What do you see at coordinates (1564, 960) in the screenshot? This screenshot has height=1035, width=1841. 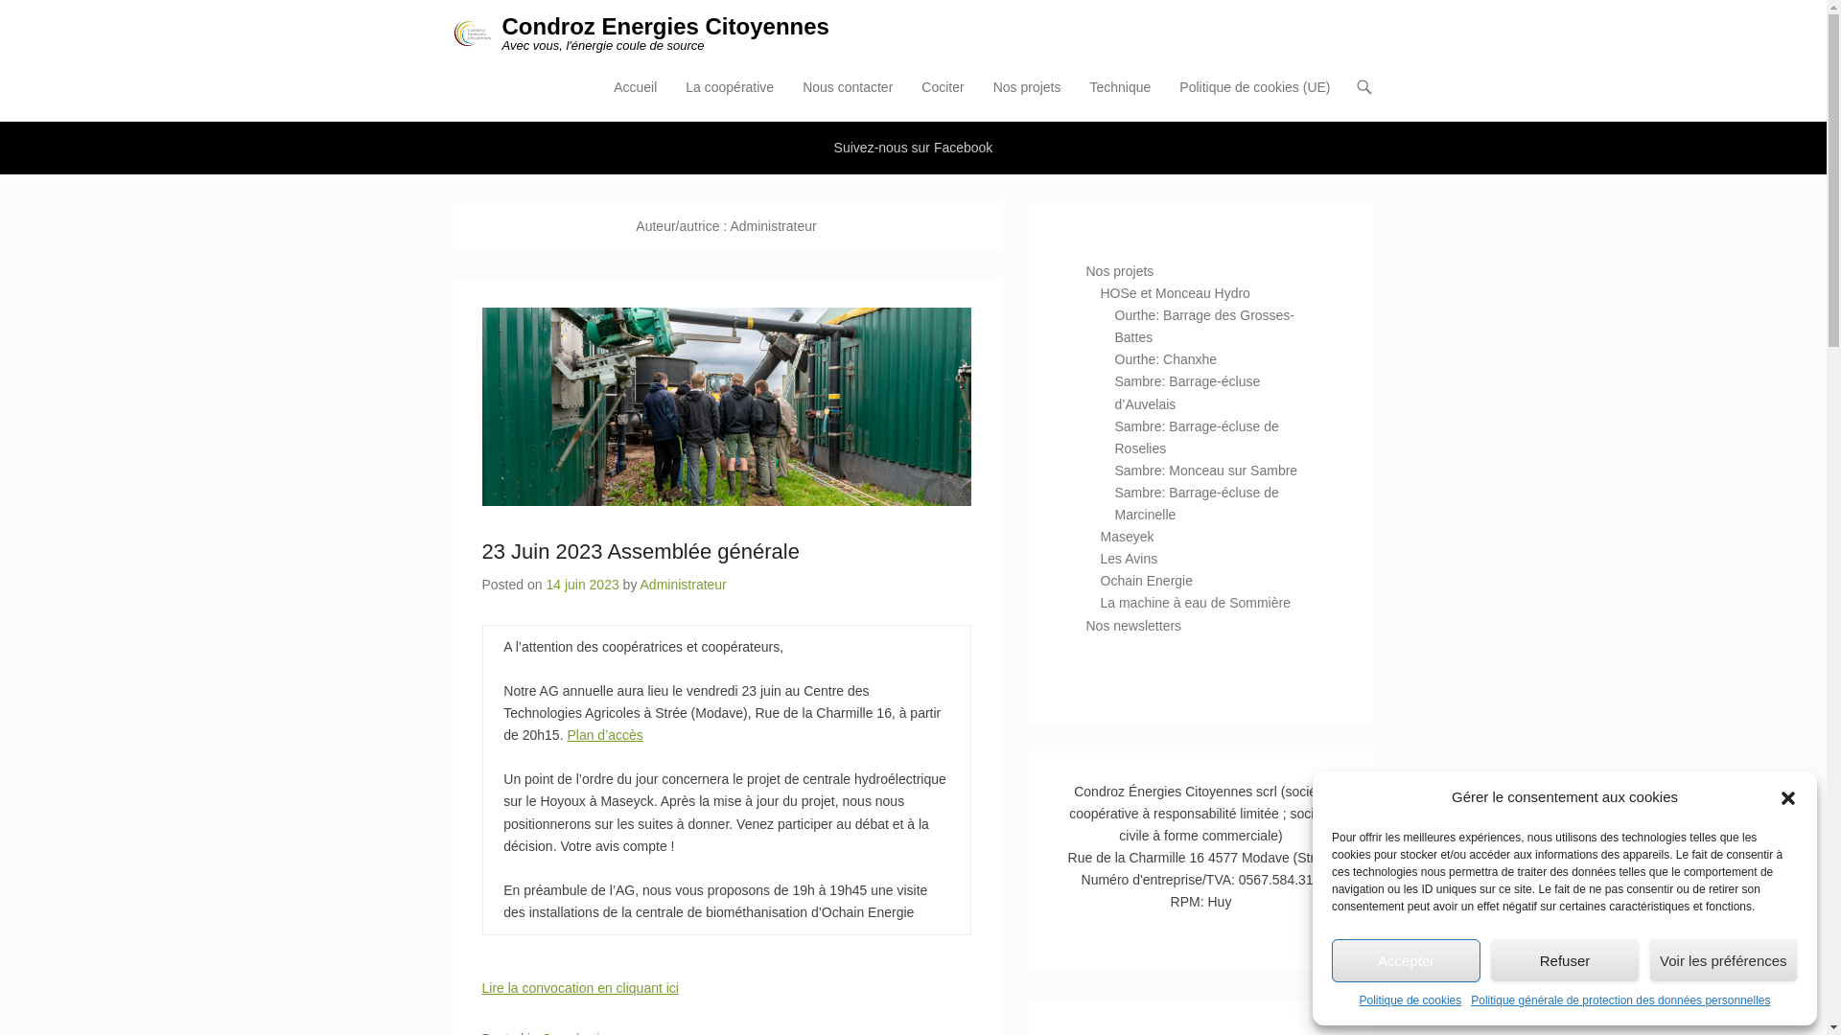 I see `'Refuser'` at bounding box center [1564, 960].